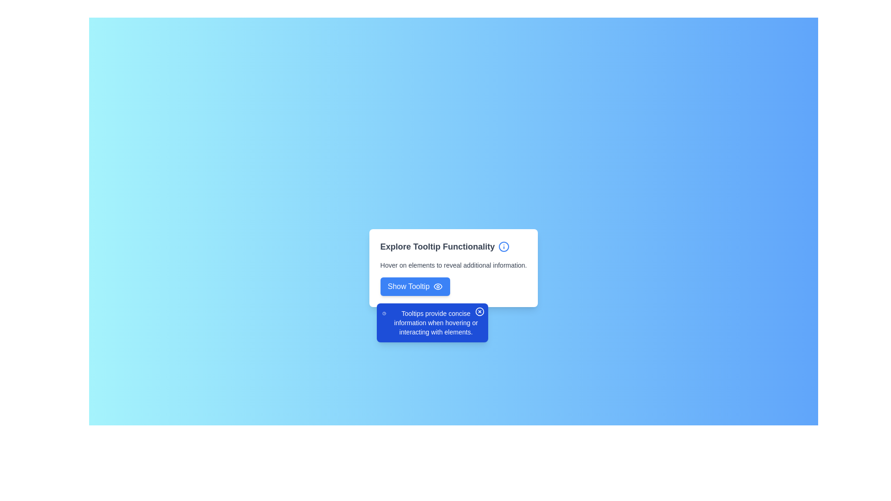 The width and height of the screenshot is (891, 501). What do you see at coordinates (504, 246) in the screenshot?
I see `the circular Informational Icon featuring a blue border and an informational symbol by tapping on it, as it is positioned slightly to the right of the text header 'Explore Tooltip Functionality.'` at bounding box center [504, 246].